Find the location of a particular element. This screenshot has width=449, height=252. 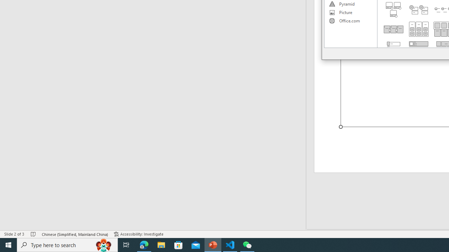

'Microsoft Edge - 1 running window' is located at coordinates (144, 244).